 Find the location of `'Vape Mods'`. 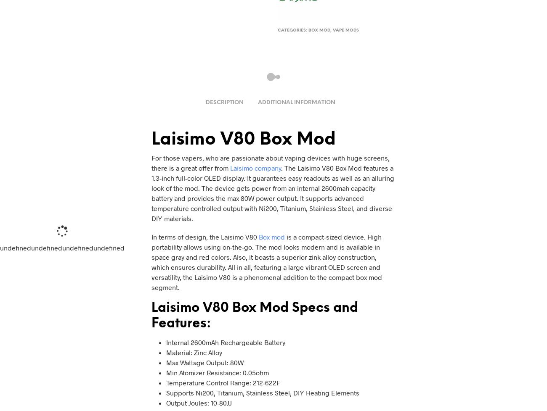

'Vape Mods' is located at coordinates (332, 30).